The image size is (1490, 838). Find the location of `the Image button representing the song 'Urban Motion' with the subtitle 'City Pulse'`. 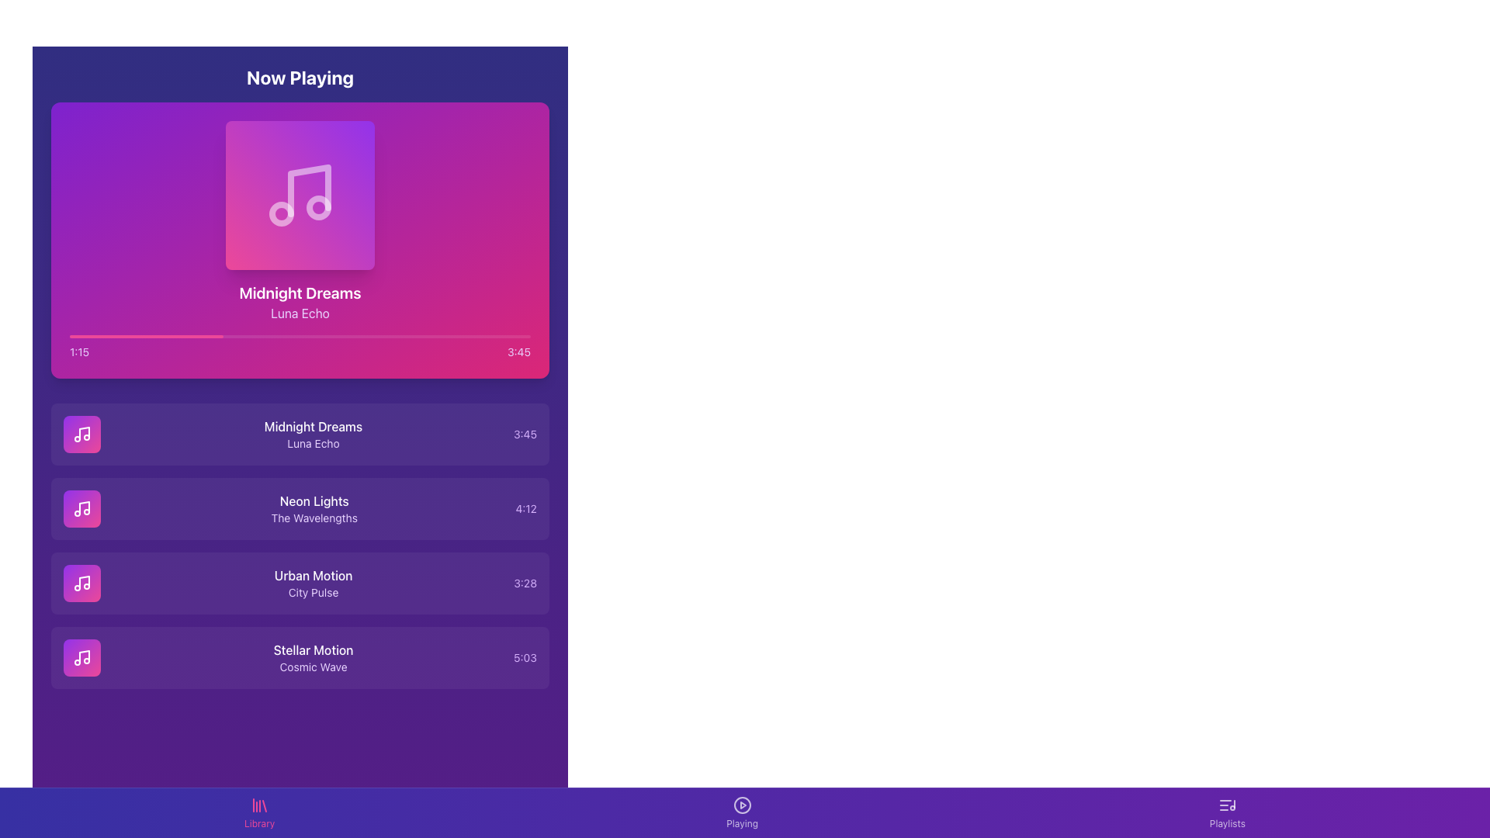

the Image button representing the song 'Urban Motion' with the subtitle 'City Pulse' is located at coordinates (81, 583).